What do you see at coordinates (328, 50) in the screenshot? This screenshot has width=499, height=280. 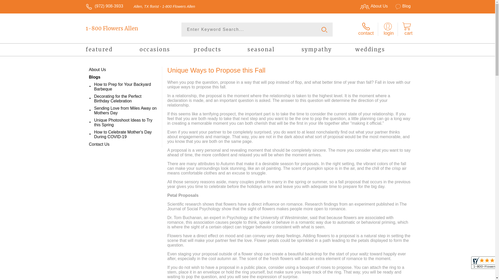 I see `'sympathy'` at bounding box center [328, 50].